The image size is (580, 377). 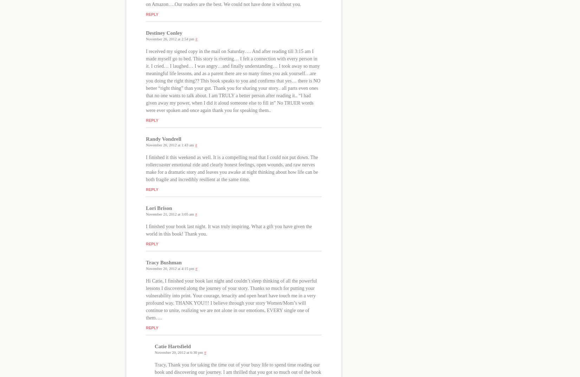 I want to click on 'November 26, 2012 at 1:43 am', so click(x=169, y=145).